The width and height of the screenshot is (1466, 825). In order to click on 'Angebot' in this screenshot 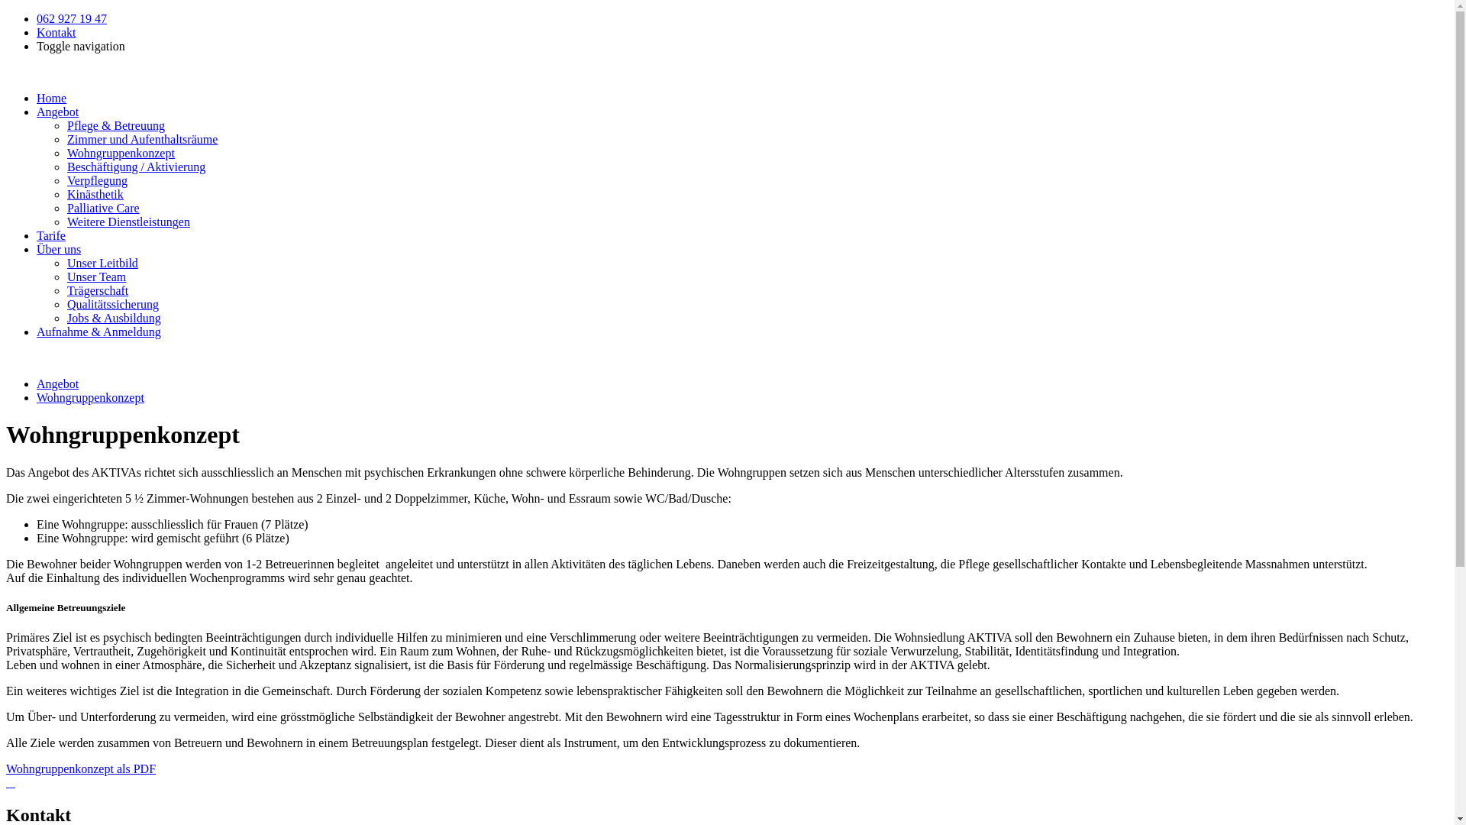, I will do `click(57, 383)`.